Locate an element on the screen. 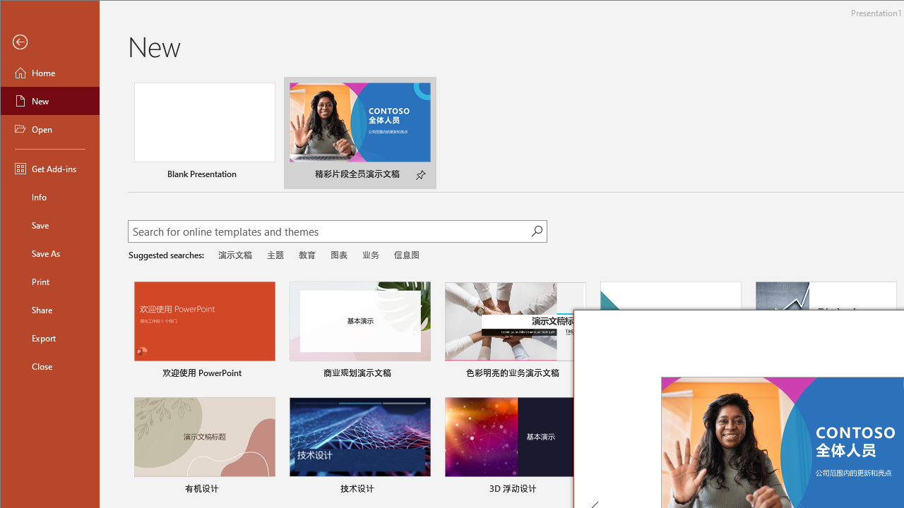 This screenshot has width=904, height=508. 'Blank Presentation' is located at coordinates (203, 133).